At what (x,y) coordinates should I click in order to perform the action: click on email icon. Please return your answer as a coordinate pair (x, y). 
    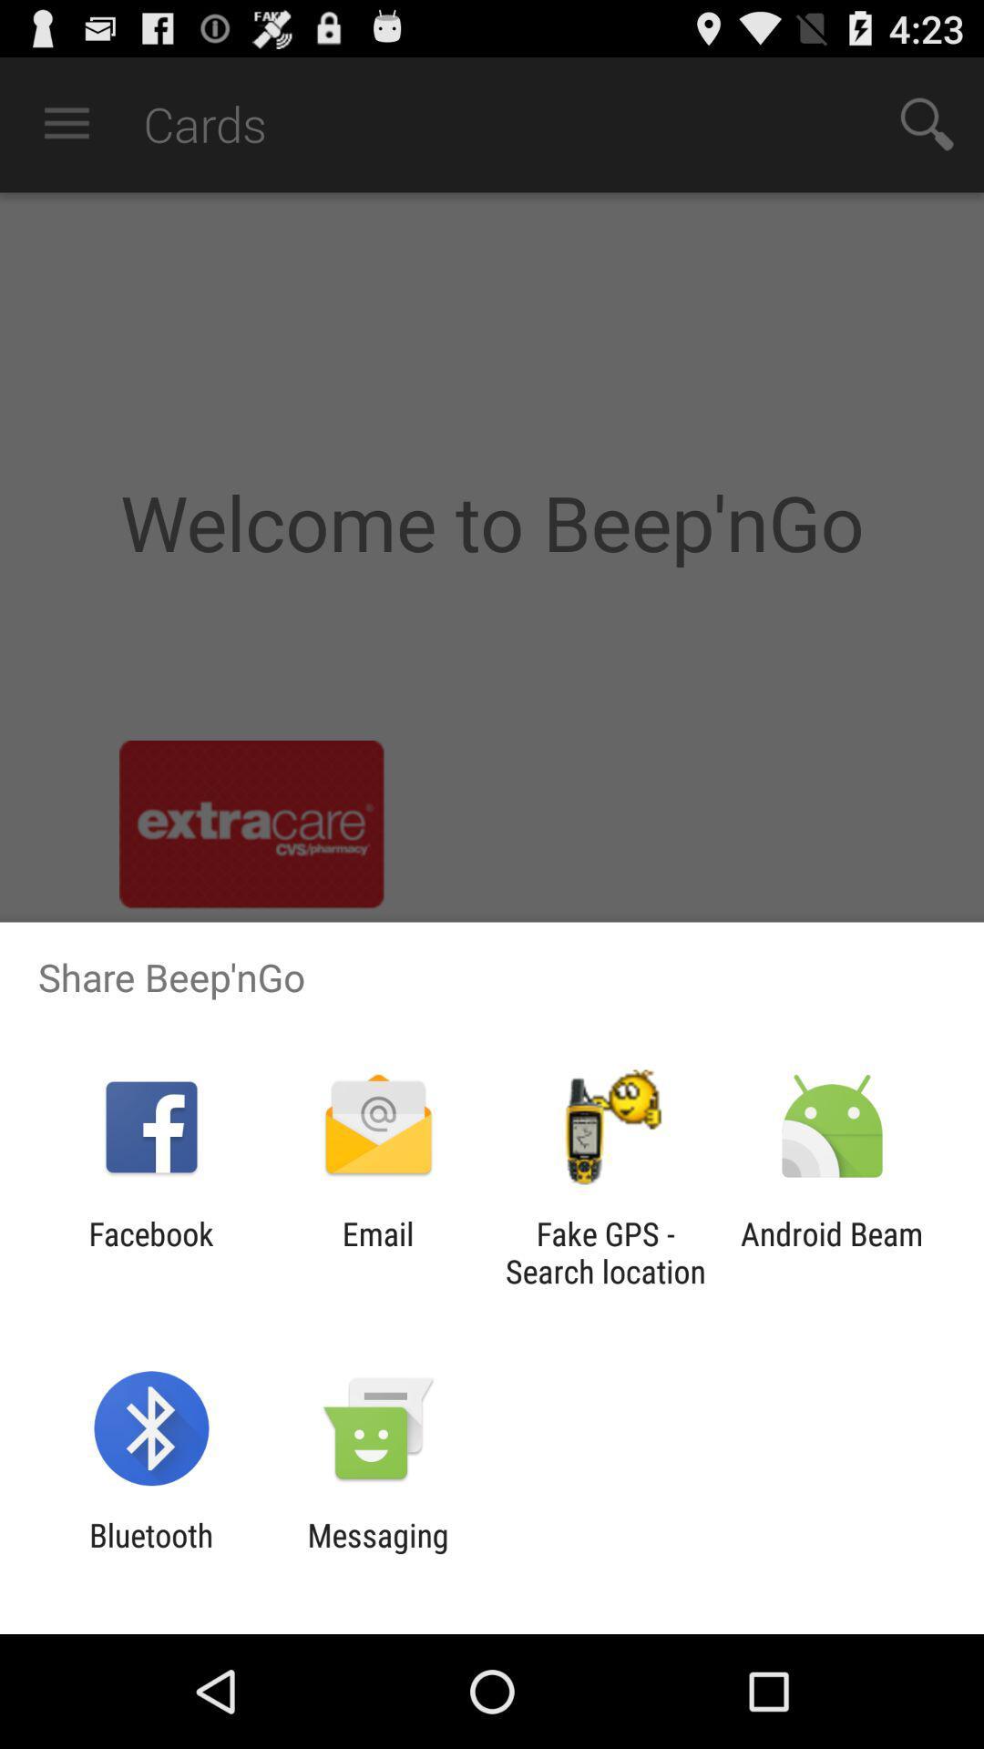
    Looking at the image, I should click on (377, 1252).